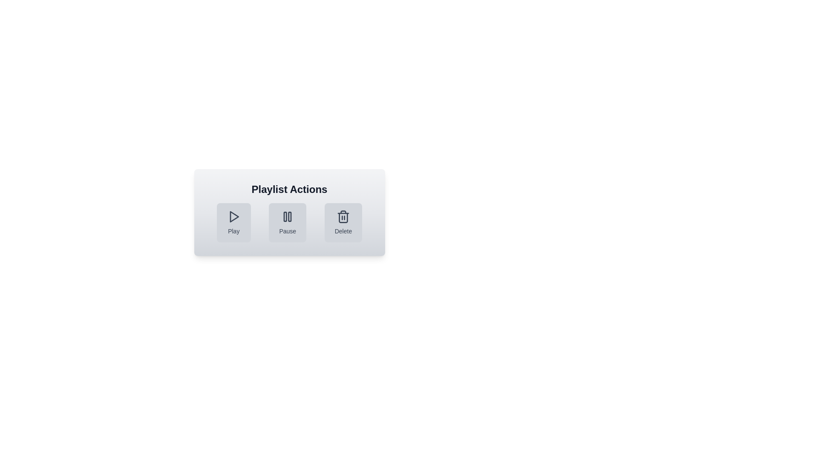 This screenshot has width=818, height=460. Describe the element at coordinates (343, 222) in the screenshot. I see `the Delete button to perform the corresponding action` at that location.